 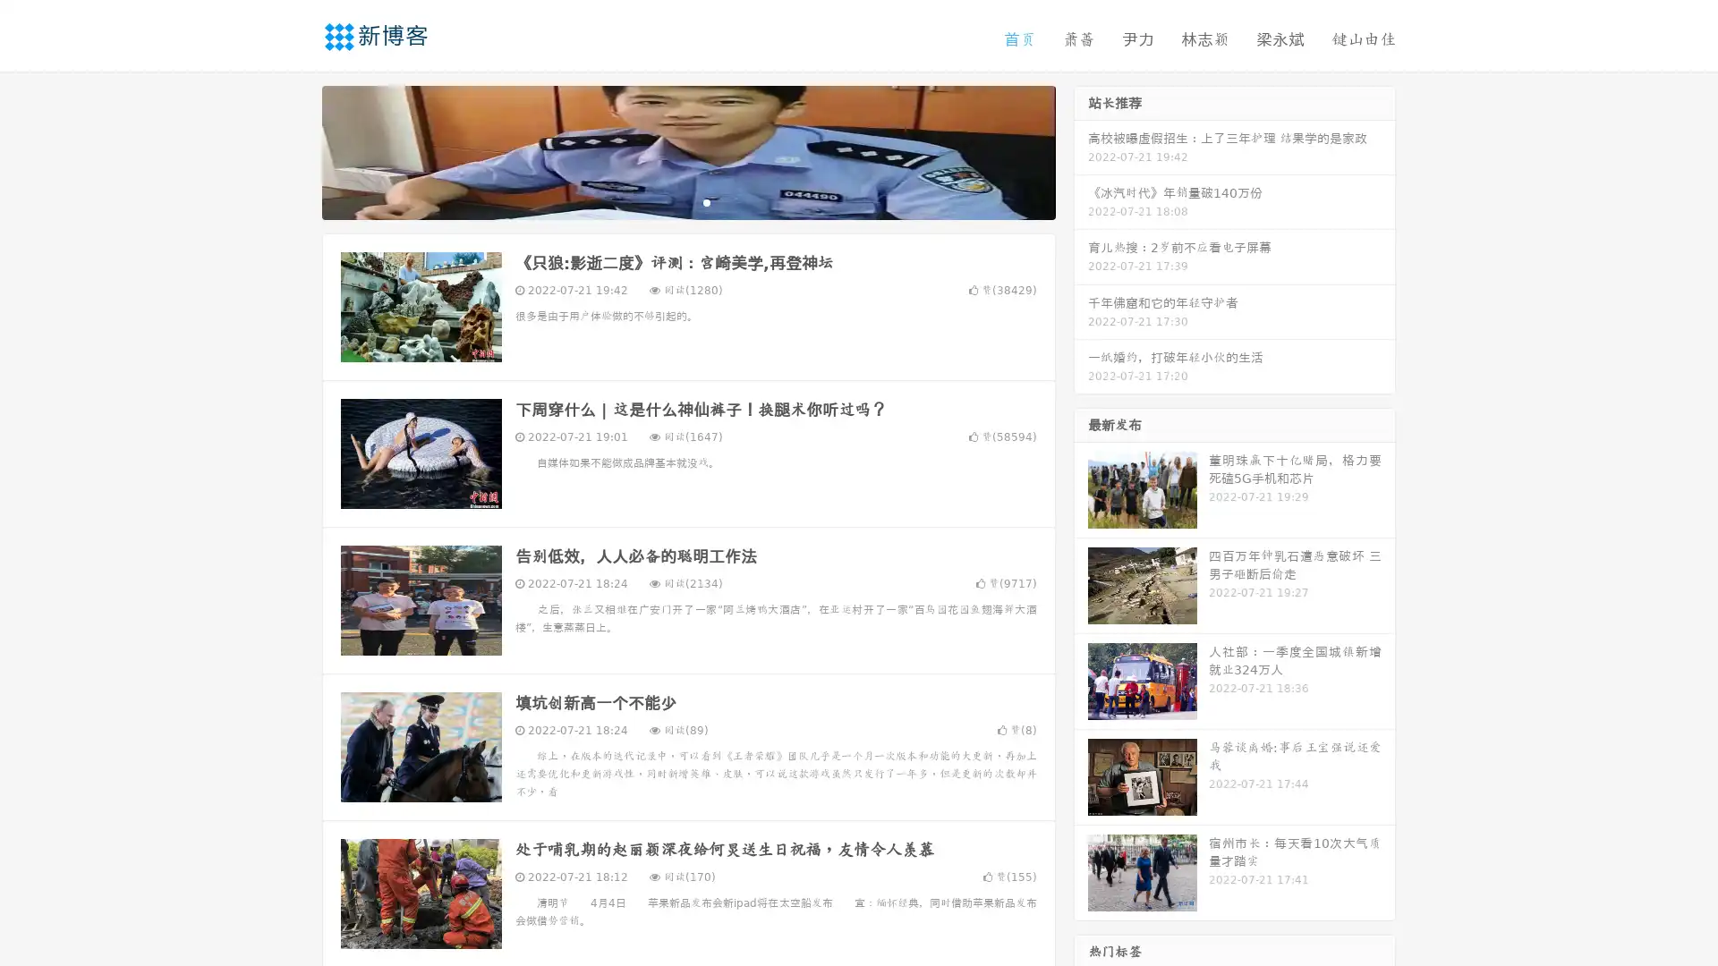 I want to click on Previous slide, so click(x=295, y=150).